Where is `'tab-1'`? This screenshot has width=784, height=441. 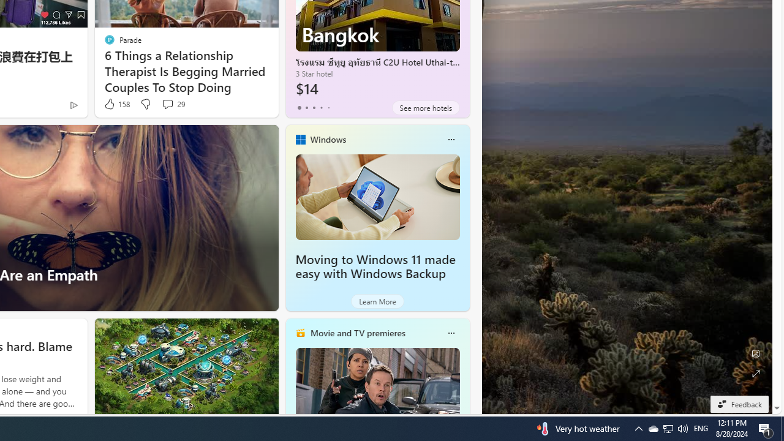 'tab-1' is located at coordinates (306, 107).